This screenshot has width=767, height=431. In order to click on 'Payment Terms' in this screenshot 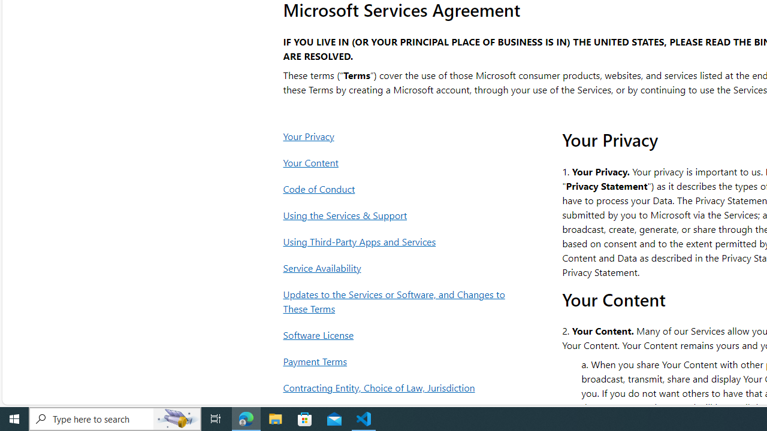, I will do `click(397, 360)`.